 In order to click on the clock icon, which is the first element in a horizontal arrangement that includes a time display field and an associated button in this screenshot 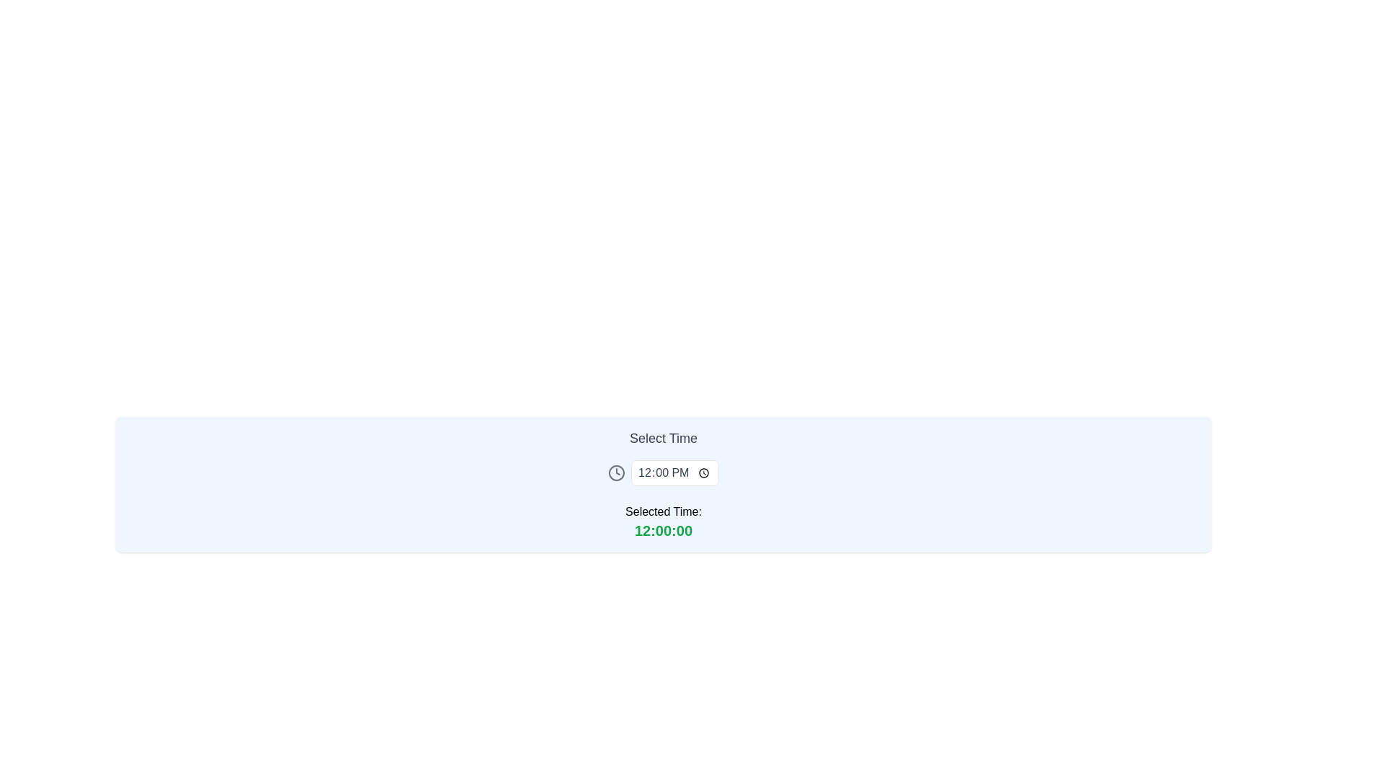, I will do `click(617, 472)`.